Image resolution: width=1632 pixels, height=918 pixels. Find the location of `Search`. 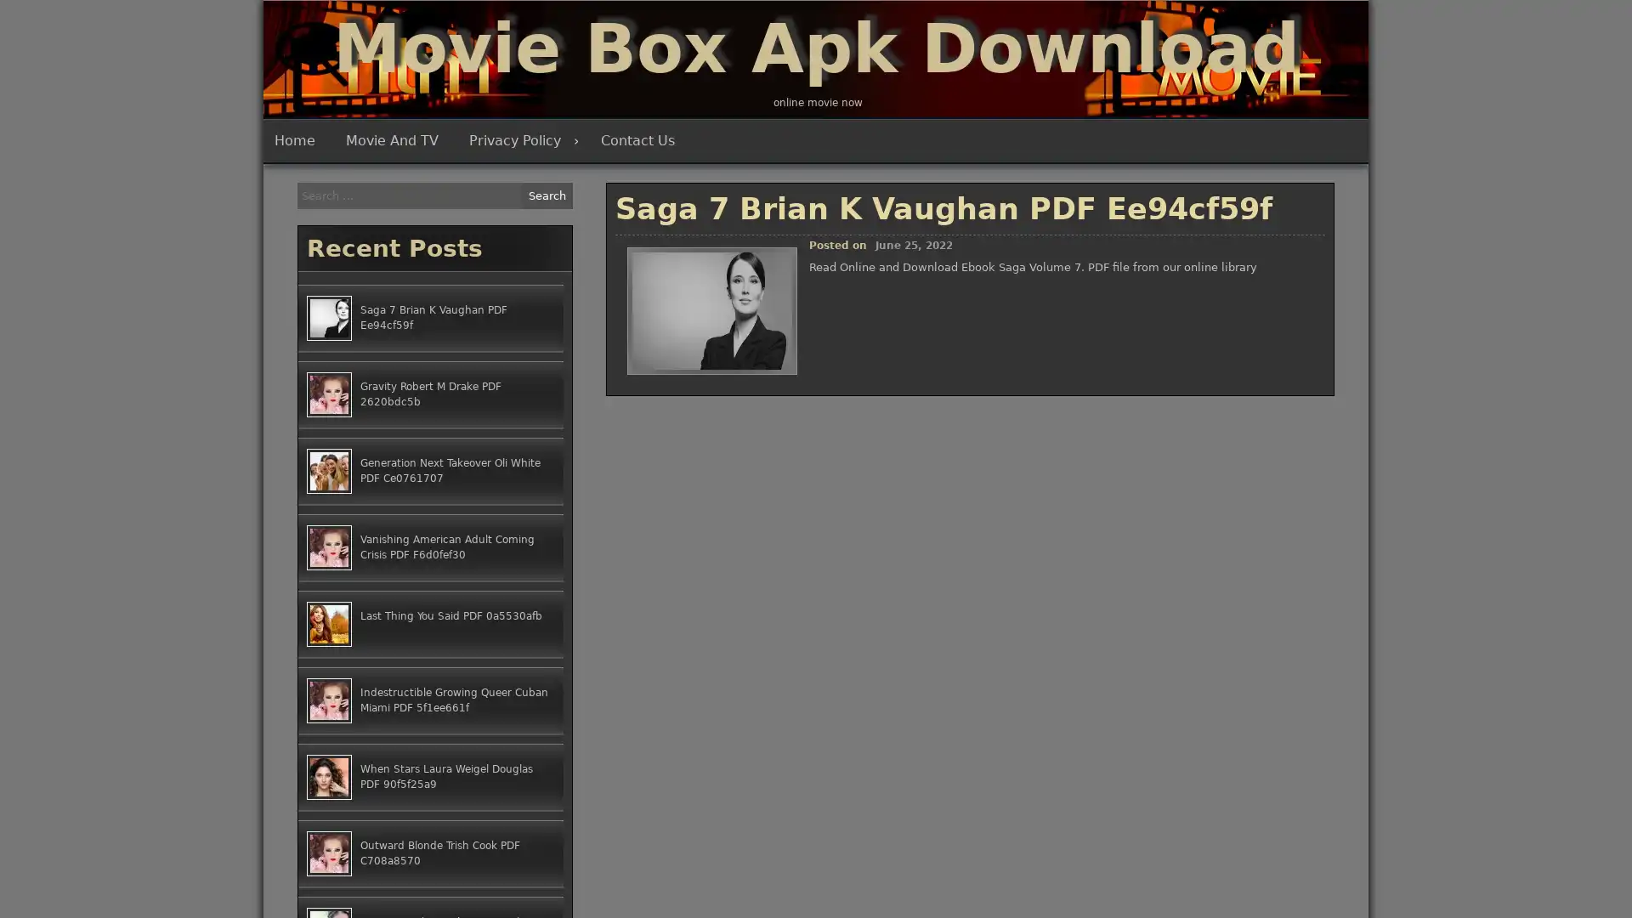

Search is located at coordinates (547, 195).